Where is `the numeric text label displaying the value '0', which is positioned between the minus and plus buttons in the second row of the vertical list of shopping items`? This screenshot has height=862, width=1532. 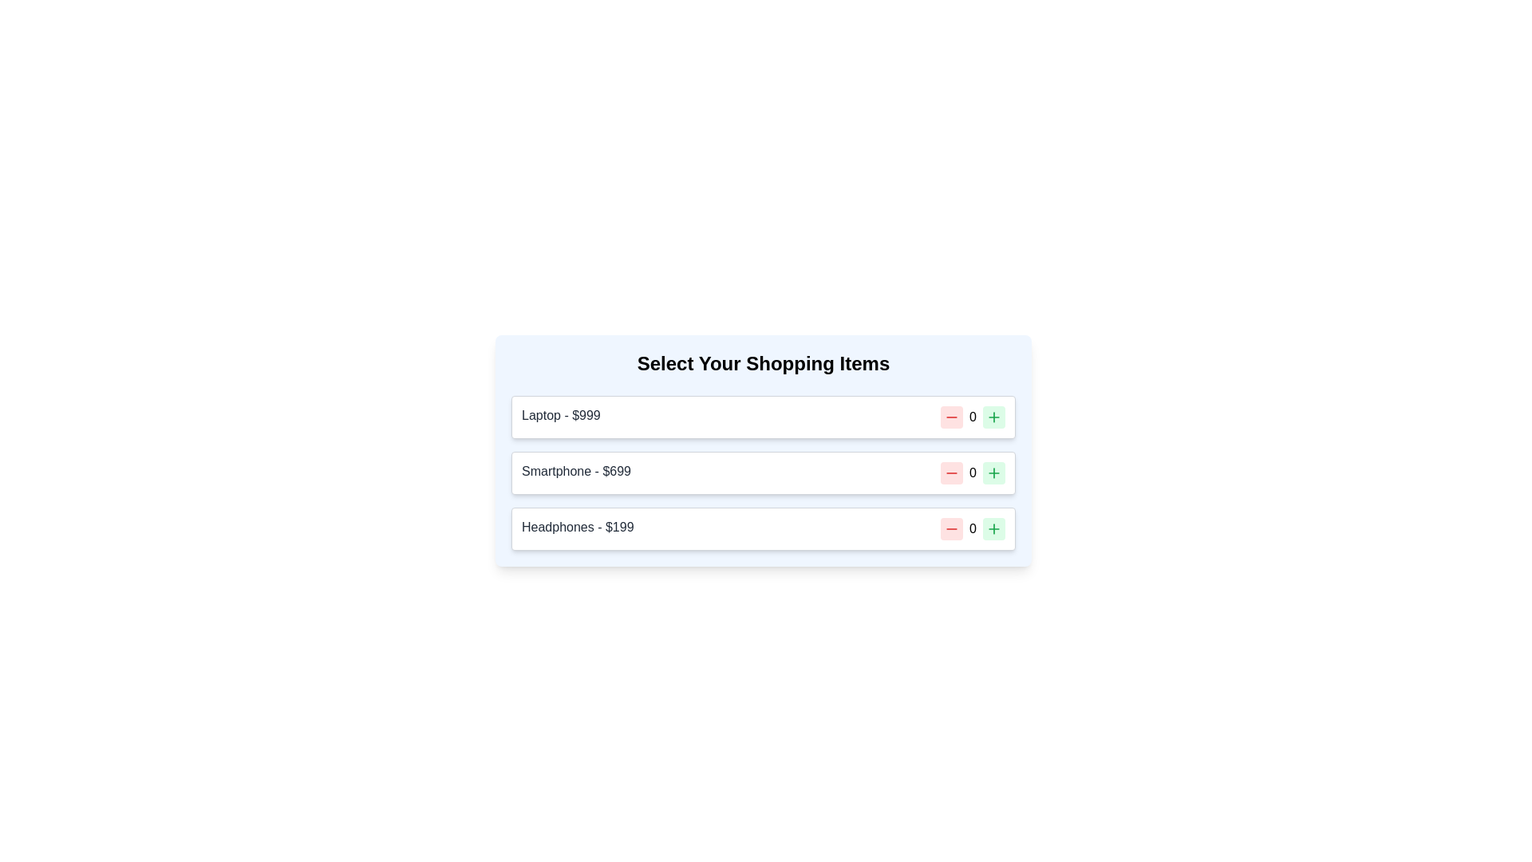
the numeric text label displaying the value '0', which is positioned between the minus and plus buttons in the second row of the vertical list of shopping items is located at coordinates (972, 473).